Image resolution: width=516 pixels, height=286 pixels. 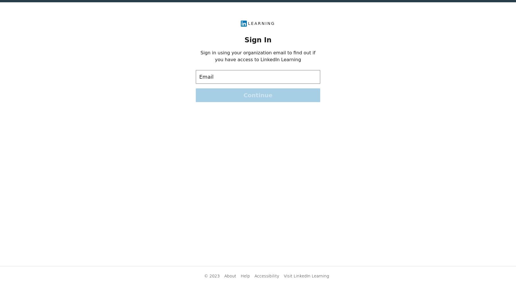 I want to click on 'LEARNING', so click(x=261, y=23).